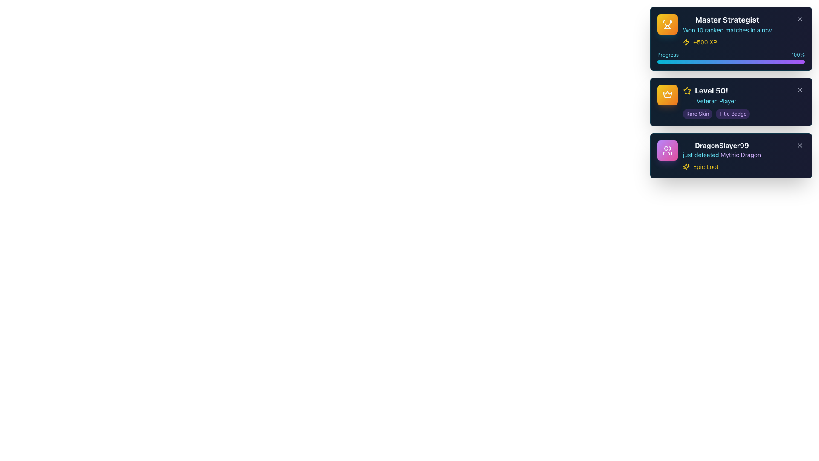 Image resolution: width=819 pixels, height=461 pixels. What do you see at coordinates (727, 19) in the screenshot?
I see `the 'Master Strategist' heading text label, which is styled in bold white font and located at the top of a dark rectangular card` at bounding box center [727, 19].